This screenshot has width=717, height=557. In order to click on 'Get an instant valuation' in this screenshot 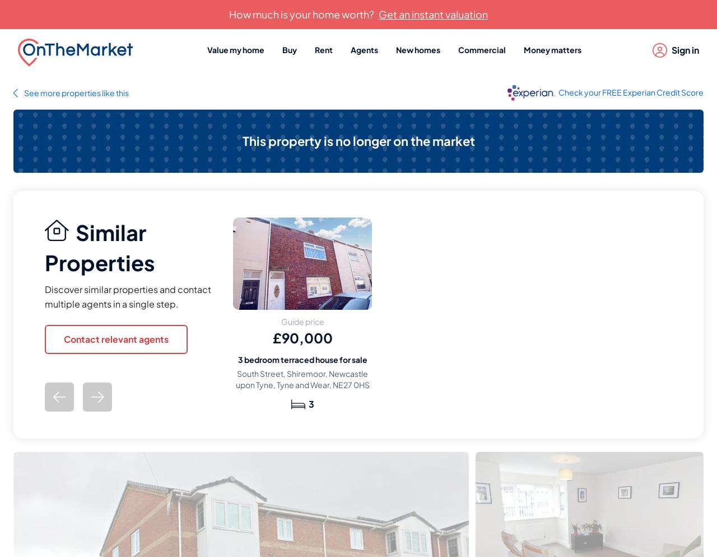, I will do `click(432, 14)`.